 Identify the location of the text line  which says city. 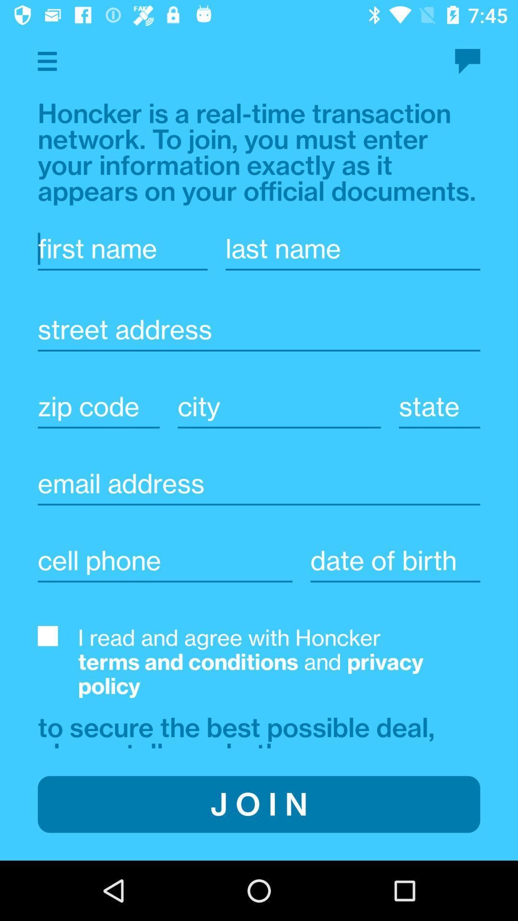
(279, 423).